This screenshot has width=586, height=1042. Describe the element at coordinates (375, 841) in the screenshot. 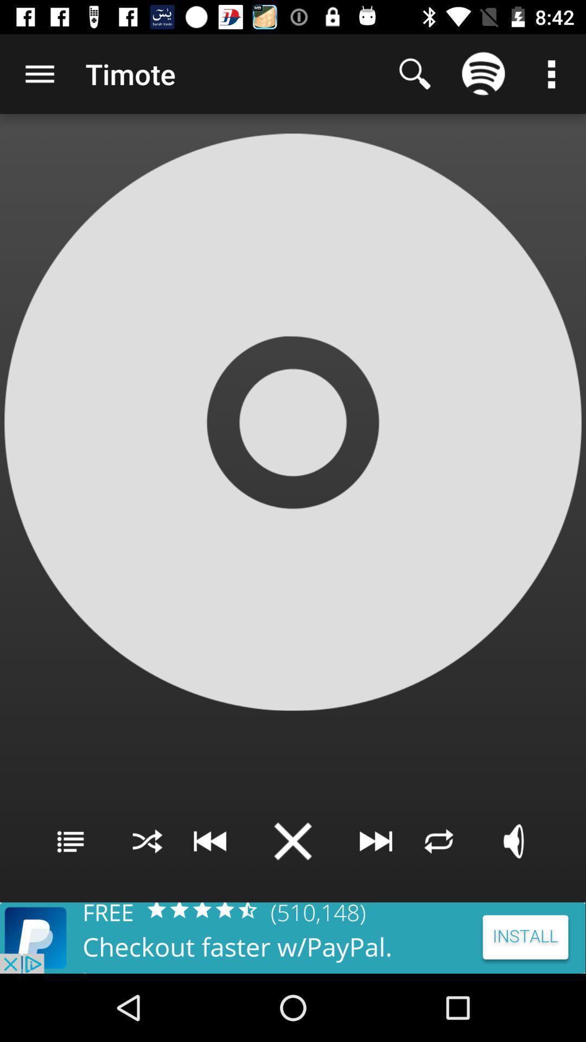

I see `the skip_next icon` at that location.